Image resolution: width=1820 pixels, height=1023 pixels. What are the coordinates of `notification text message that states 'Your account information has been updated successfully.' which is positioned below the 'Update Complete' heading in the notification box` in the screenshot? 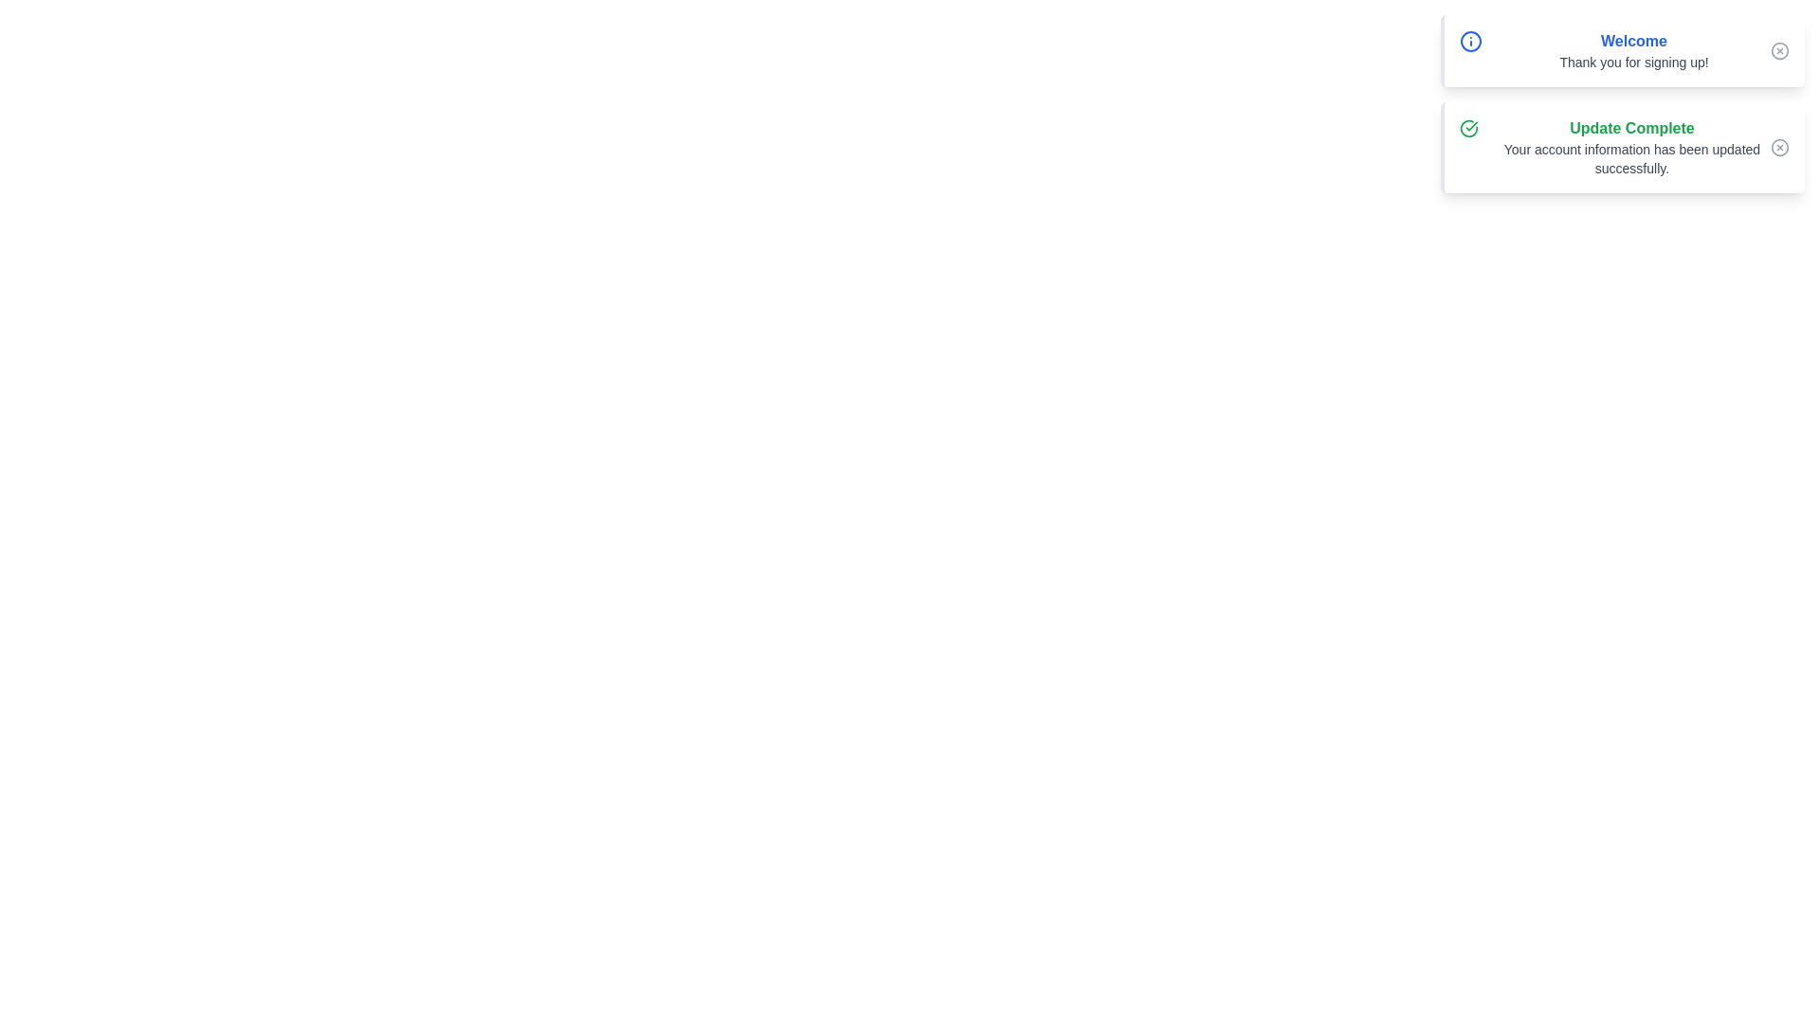 It's located at (1630, 158).